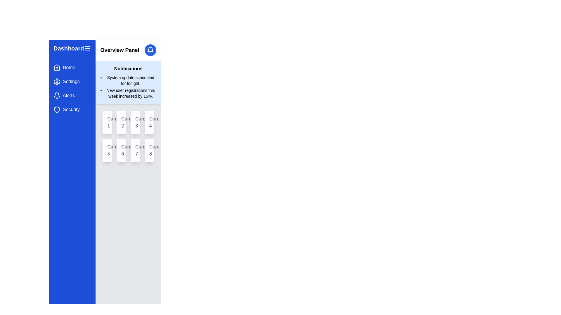 This screenshot has height=315, width=561. Describe the element at coordinates (57, 109) in the screenshot. I see `the 'Security' shield icon located in the vertical navigation bar on the left side, positioned below the 'Alerts' section` at that location.